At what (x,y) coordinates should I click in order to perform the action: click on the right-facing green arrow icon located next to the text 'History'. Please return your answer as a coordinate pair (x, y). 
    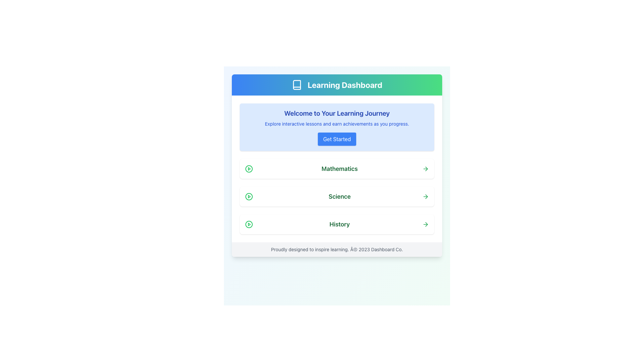
    Looking at the image, I should click on (425, 224).